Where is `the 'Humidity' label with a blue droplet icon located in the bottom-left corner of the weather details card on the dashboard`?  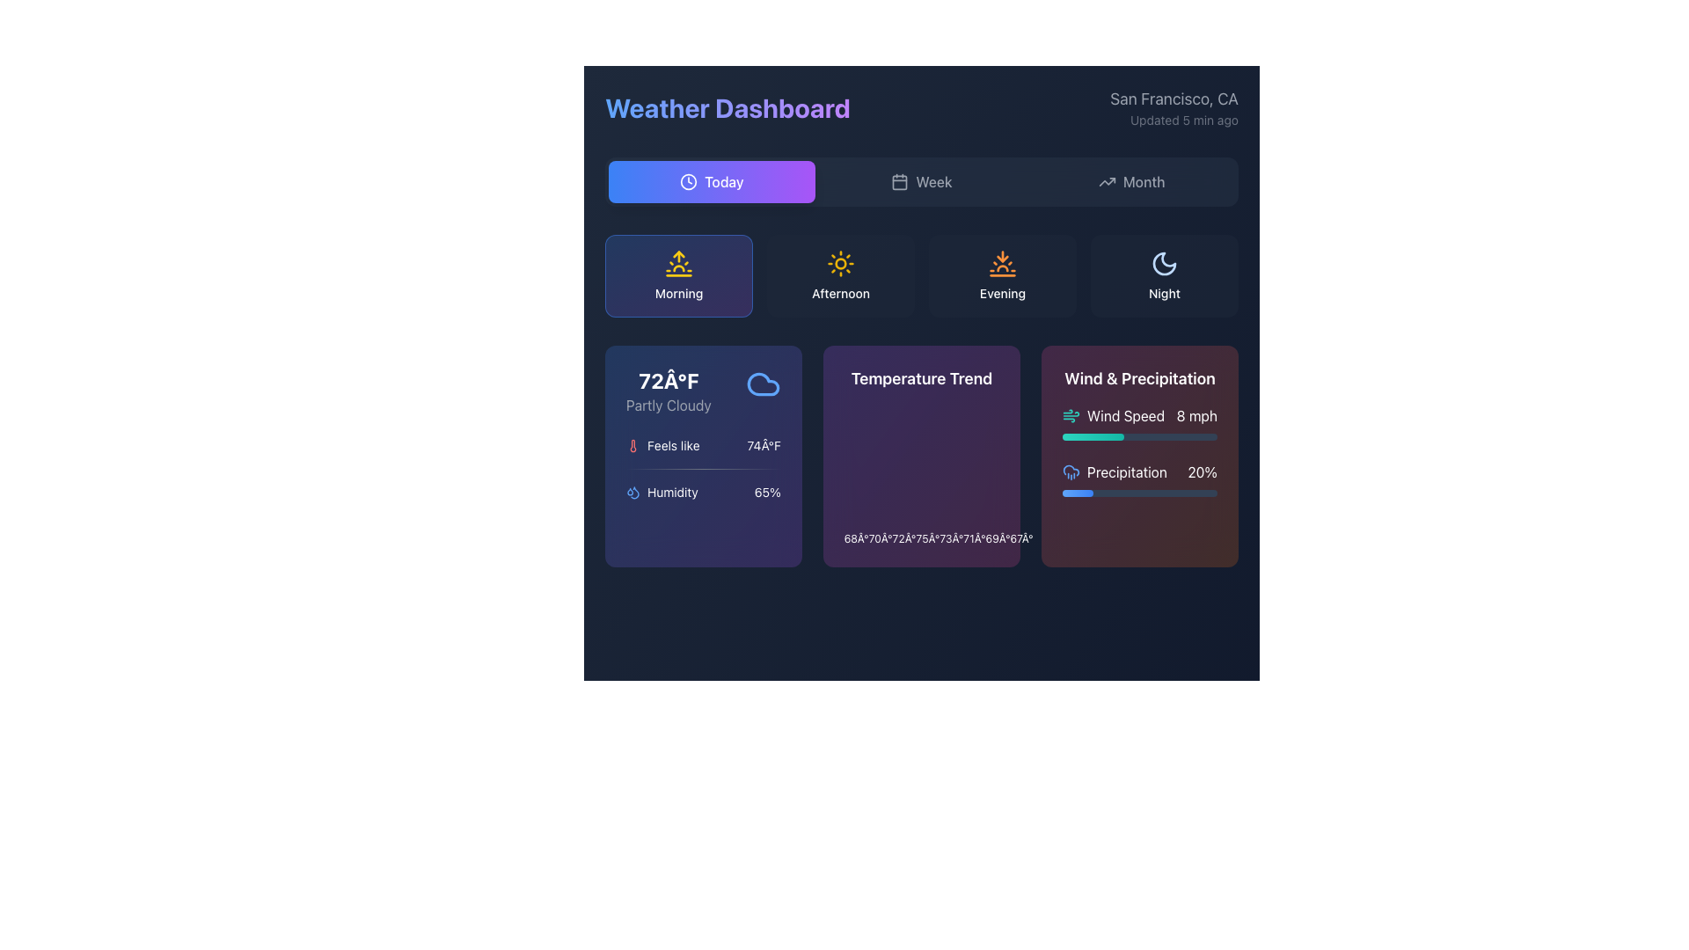 the 'Humidity' label with a blue droplet icon located in the bottom-left corner of the weather details card on the dashboard is located at coordinates (661, 492).